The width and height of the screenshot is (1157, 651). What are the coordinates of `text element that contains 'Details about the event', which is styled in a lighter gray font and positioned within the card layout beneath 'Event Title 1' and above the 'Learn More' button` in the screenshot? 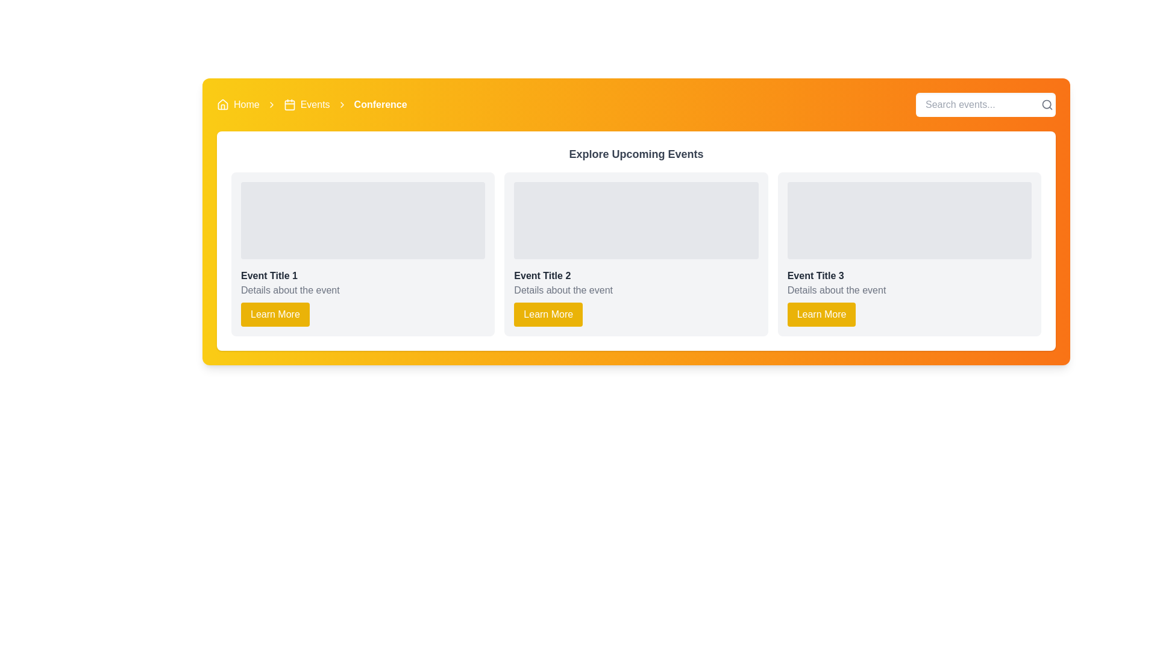 It's located at (290, 291).